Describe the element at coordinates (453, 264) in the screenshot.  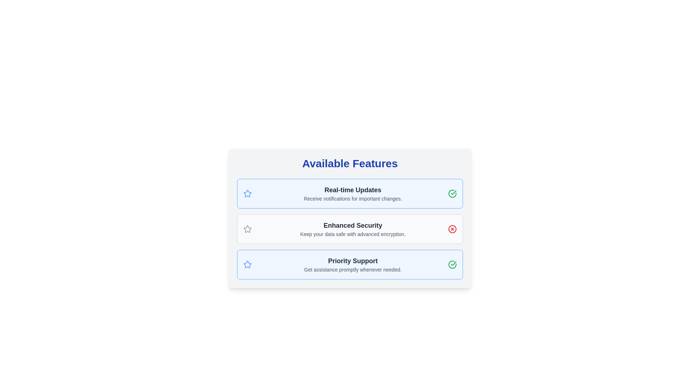
I see `the 'Real-time Updates' icon located at the far right of the first row in the feature list to provide visual confirmation of its active status` at that location.